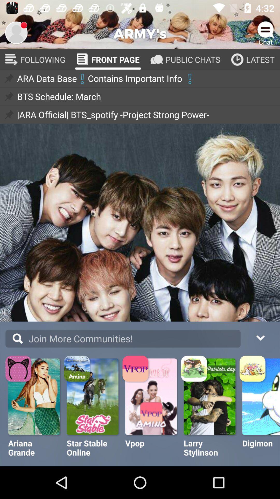 The image size is (280, 499). Describe the element at coordinates (260, 337) in the screenshot. I see `the expand_more icon` at that location.